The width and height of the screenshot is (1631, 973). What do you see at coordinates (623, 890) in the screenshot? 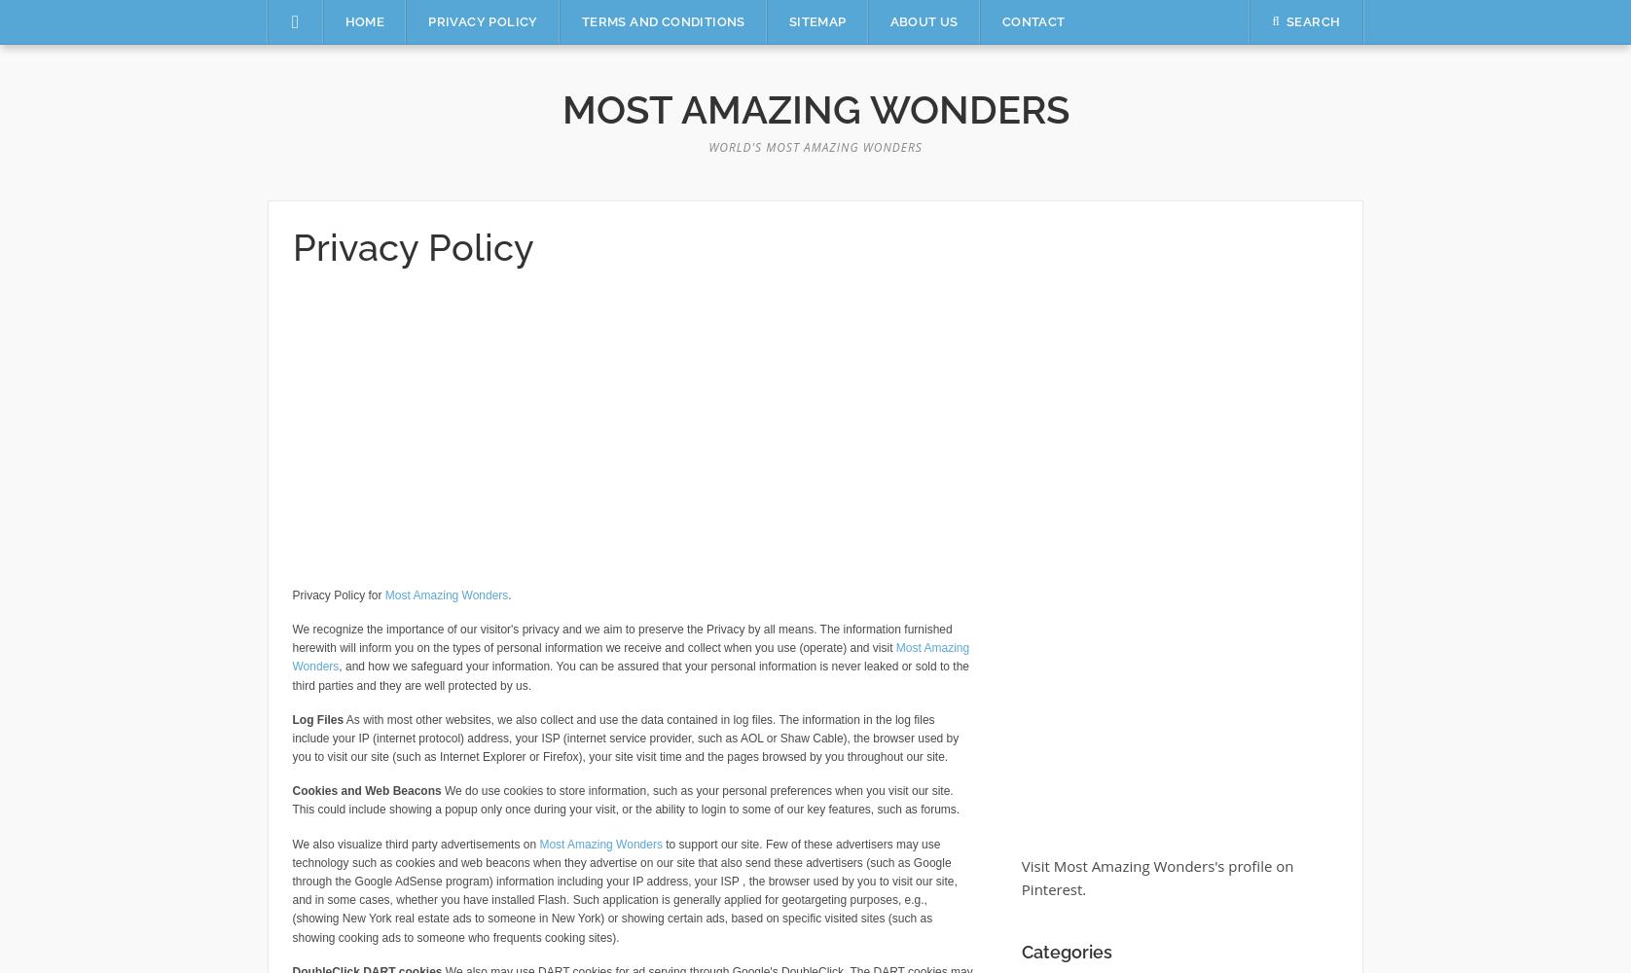
I see `'to support our site. Few of these advertisers may use technology such as cookies and web beacons when they advertise on our site that also send these advertisers (such as Google through the Google AdSense program) information including your IP address, your ISP , the browser used by you to visit our site, and in some cases, whether you have installed Flash. Such application is generally applied for geotargeting purposes, e.g., (showing New York real estate ads to someone in New York) or showing certain ads, based on specific visited sites (such as showing cooking ads to someone who frequents cooking sites).'` at bounding box center [623, 890].